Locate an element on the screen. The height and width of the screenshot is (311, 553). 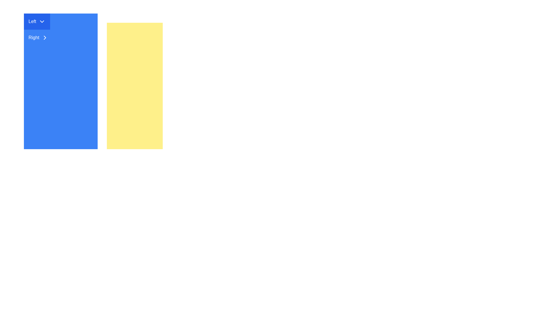
the blue button labeled 'Left' with a downward-pointing chevron icon is located at coordinates (37, 21).